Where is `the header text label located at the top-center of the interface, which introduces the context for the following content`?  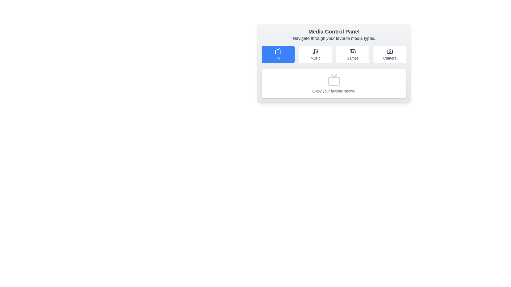
the header text label located at the top-center of the interface, which introduces the context for the following content is located at coordinates (333, 32).